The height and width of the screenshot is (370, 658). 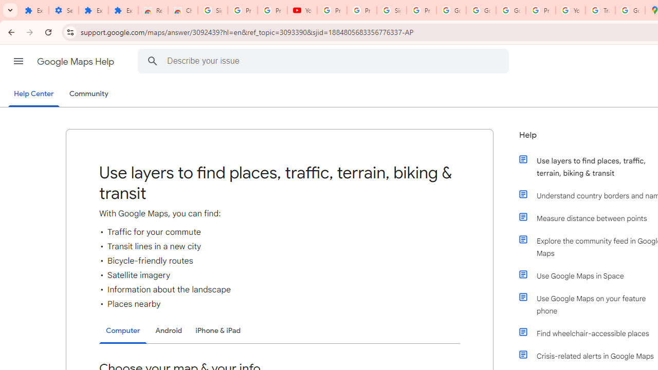 What do you see at coordinates (212, 10) in the screenshot?
I see `'Sign in - Google Accounts'` at bounding box center [212, 10].